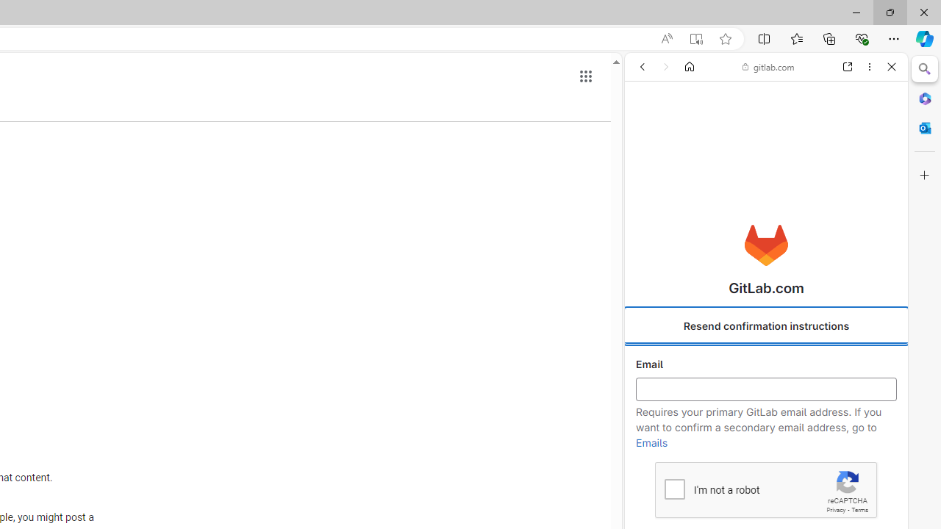 Image resolution: width=941 pixels, height=529 pixels. Describe the element at coordinates (859, 509) in the screenshot. I see `'Terms'` at that location.